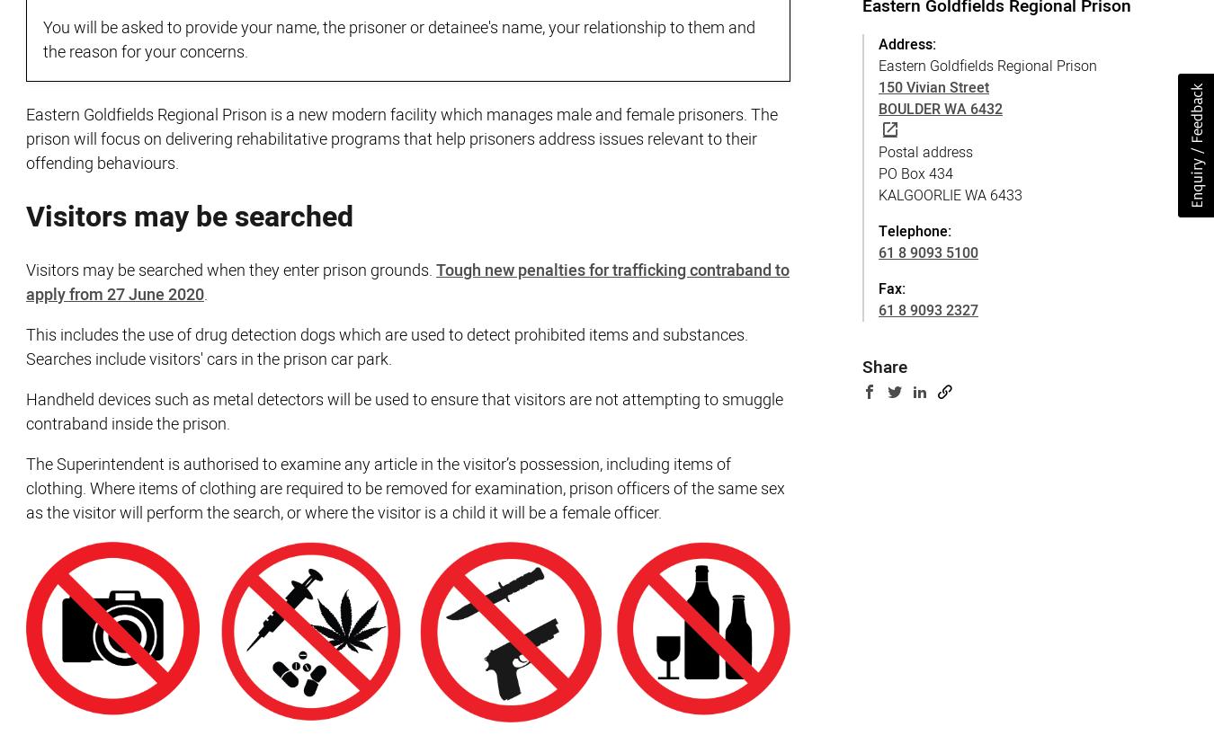  I want to click on '61 8 9093 2327', so click(928, 309).